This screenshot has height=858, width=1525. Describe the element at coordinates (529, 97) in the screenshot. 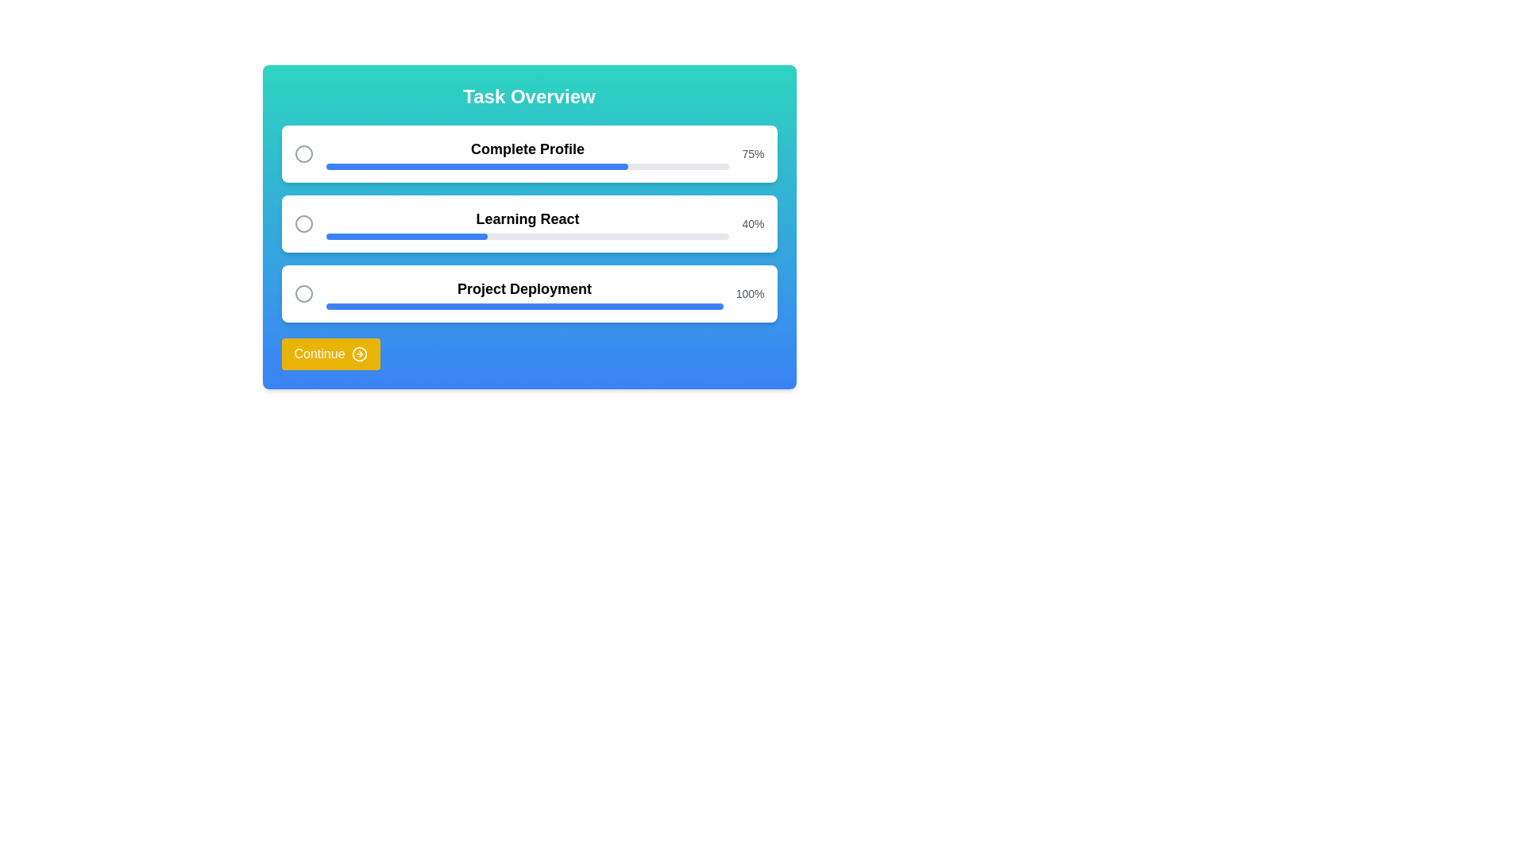

I see `title header element located at the top center of the section, which provides an overview context for the content below` at that location.